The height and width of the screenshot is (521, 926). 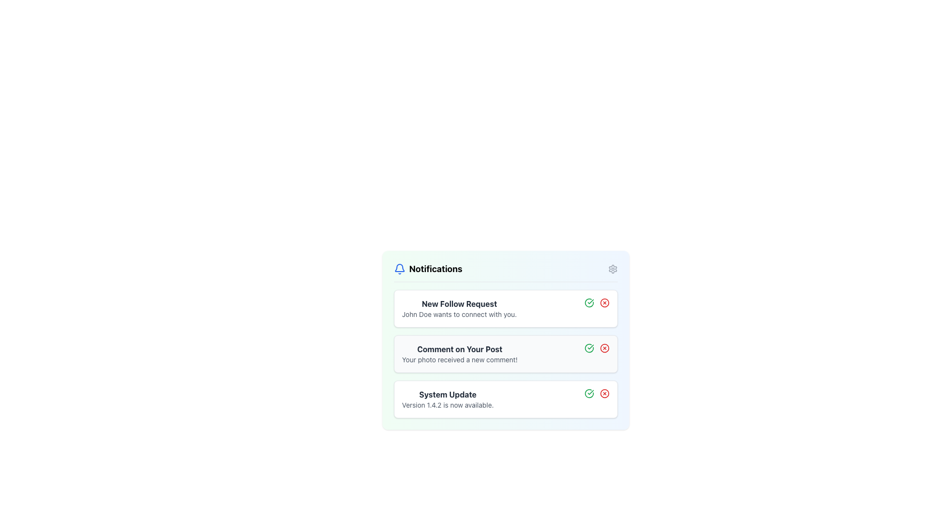 What do you see at coordinates (459, 314) in the screenshot?
I see `the informational Text Label that provides details about a follow request, located centrally within the notification card under the title 'New Follow Request'` at bounding box center [459, 314].